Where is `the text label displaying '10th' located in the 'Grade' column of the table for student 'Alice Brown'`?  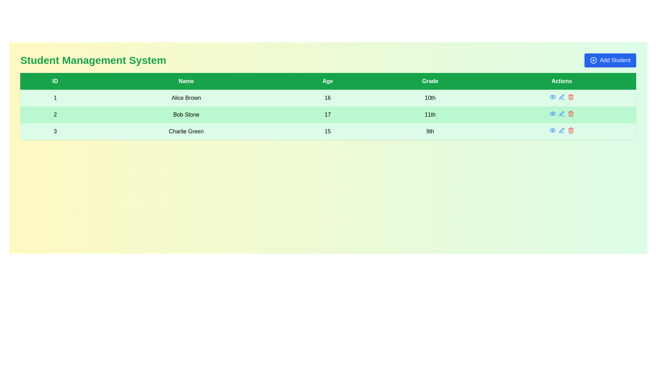 the text label displaying '10th' located in the 'Grade' column of the table for student 'Alice Brown' is located at coordinates (430, 98).